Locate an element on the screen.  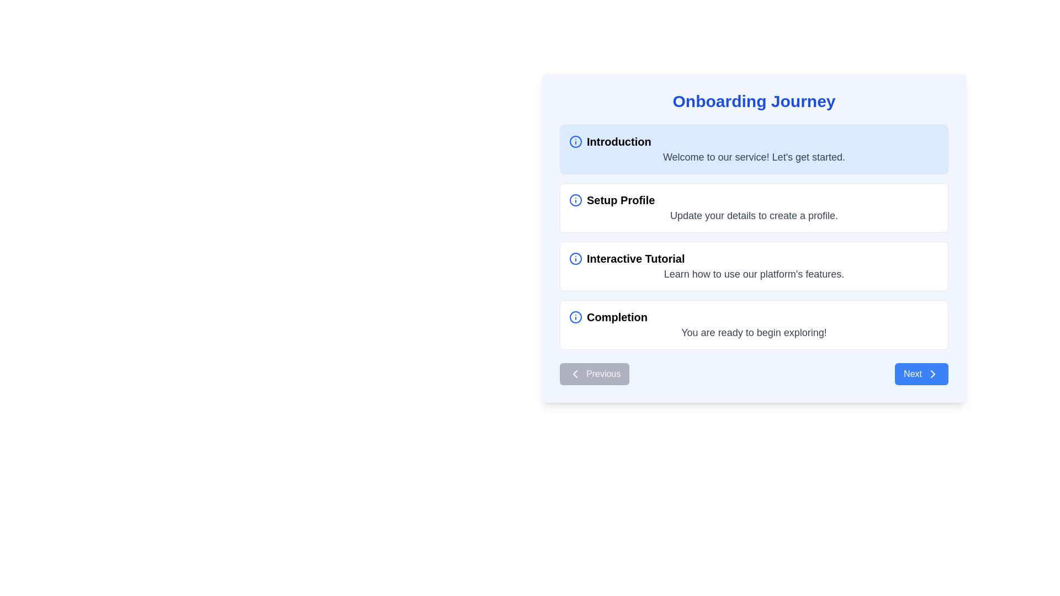
the Informational Card labeled 'Completion' that contains a gray message stating 'You are ready to begin exploring!' and is the last card in a vertically stacked group is located at coordinates (754, 324).